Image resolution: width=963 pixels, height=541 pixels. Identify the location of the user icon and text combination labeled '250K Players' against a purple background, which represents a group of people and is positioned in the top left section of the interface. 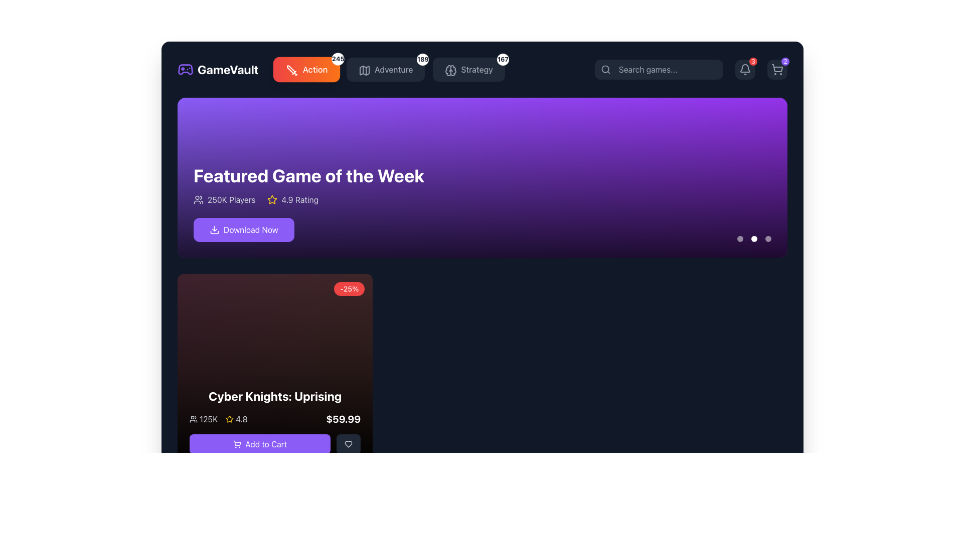
(224, 199).